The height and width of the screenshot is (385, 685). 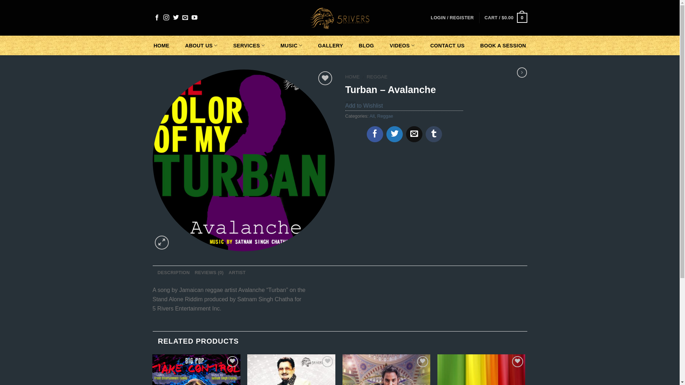 I want to click on 'VIDEOS', so click(x=402, y=45).